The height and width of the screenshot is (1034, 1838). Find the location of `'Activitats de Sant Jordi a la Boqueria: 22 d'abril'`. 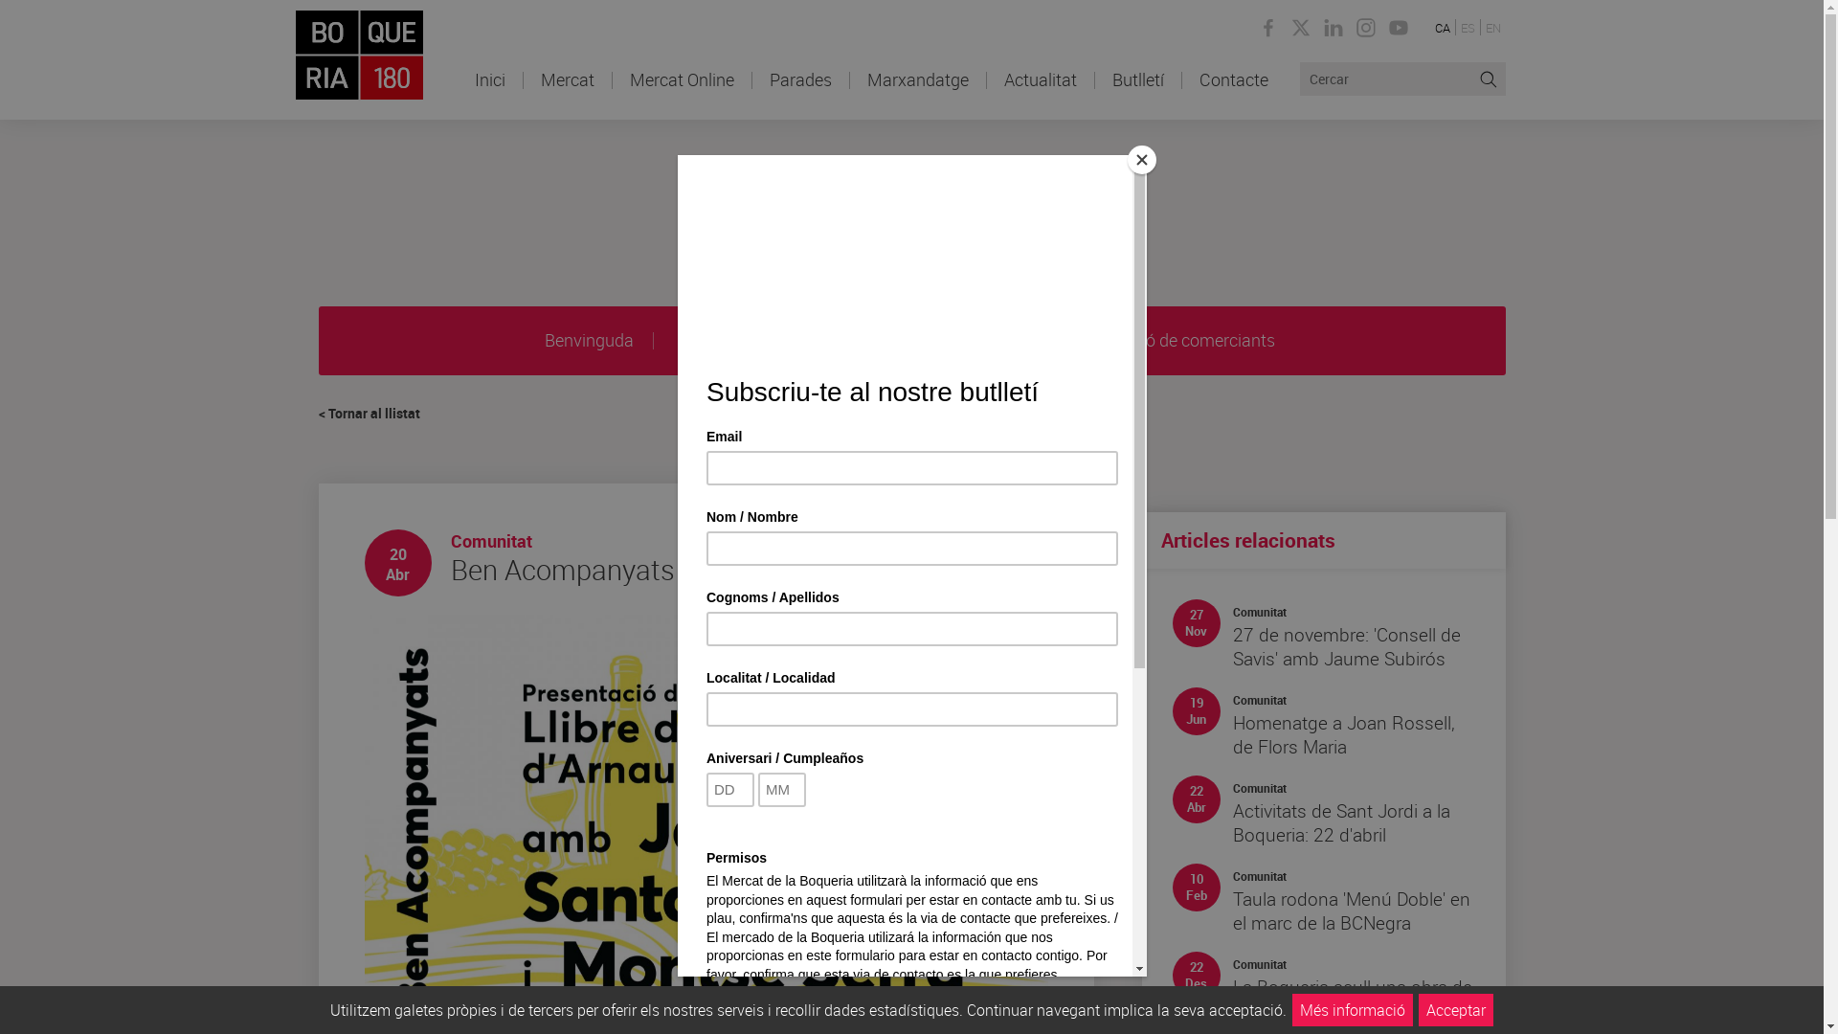

'Activitats de Sant Jordi a la Boqueria: 22 d'abril' is located at coordinates (1340, 821).